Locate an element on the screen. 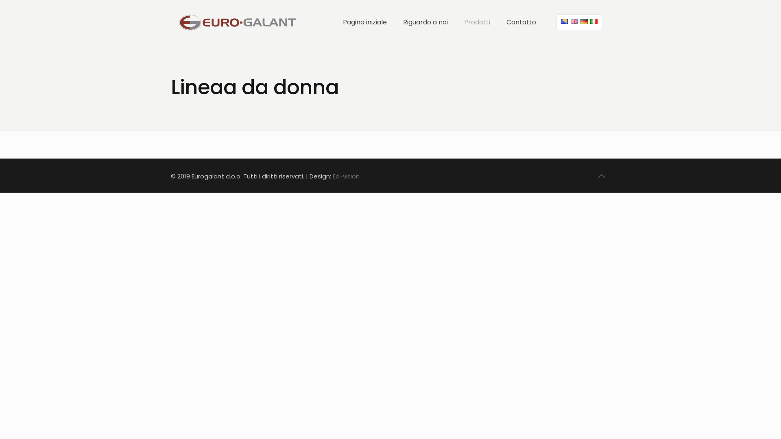  'Prodotti' is located at coordinates (456, 22).